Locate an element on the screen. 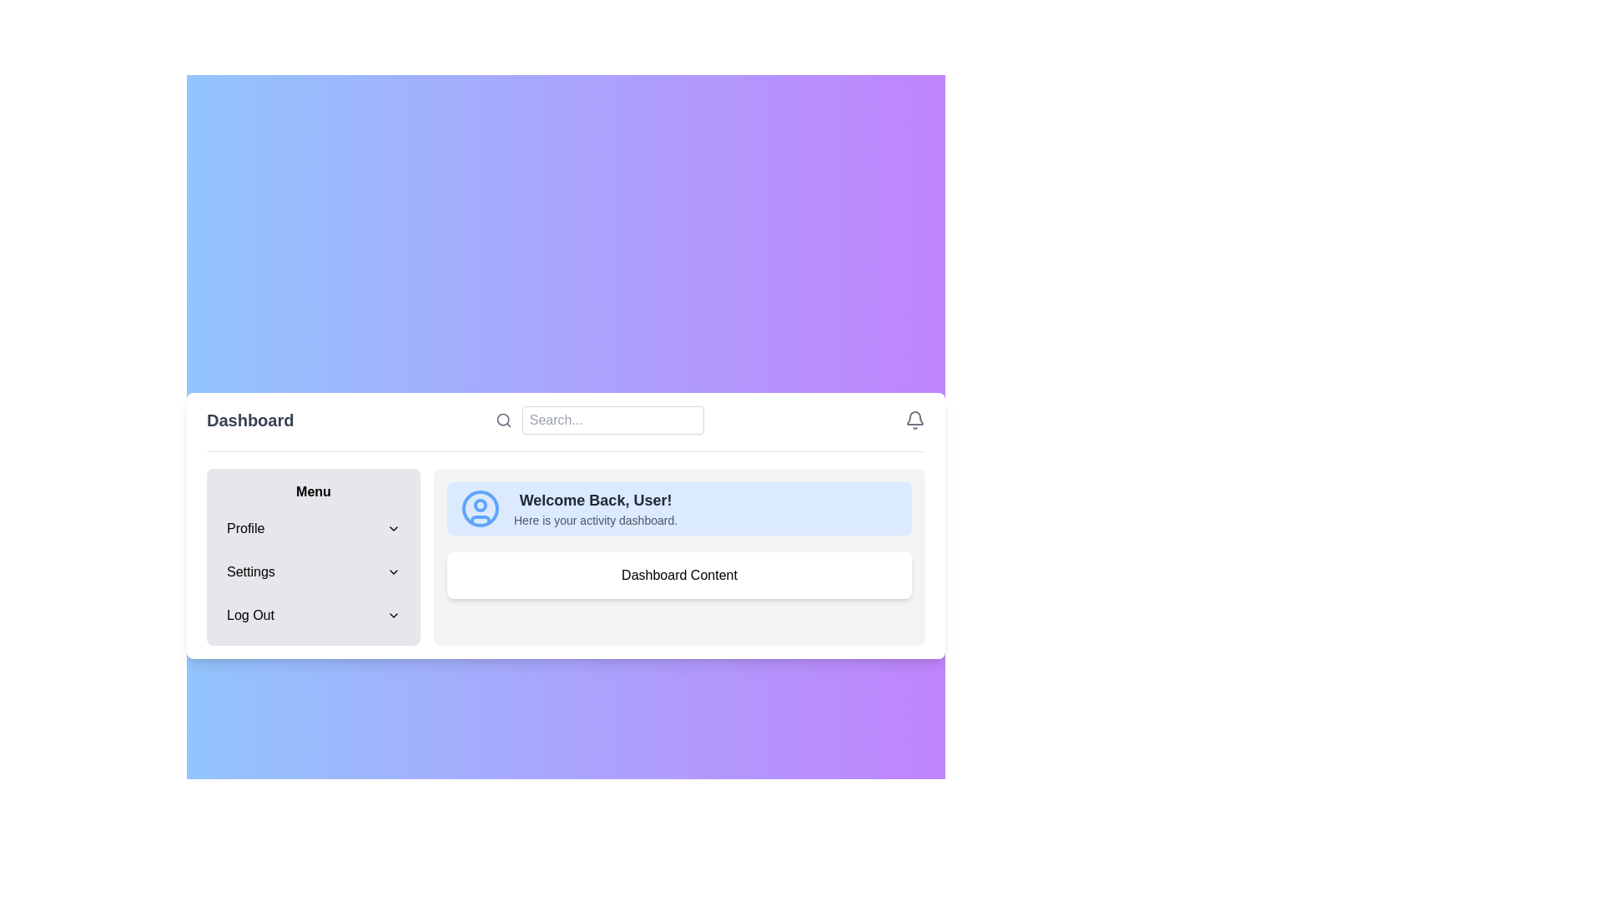 Image resolution: width=1602 pixels, height=901 pixels. the downward-pointing chevron icon located to the right of the 'Settings' text in the navigation menu is located at coordinates (392, 571).